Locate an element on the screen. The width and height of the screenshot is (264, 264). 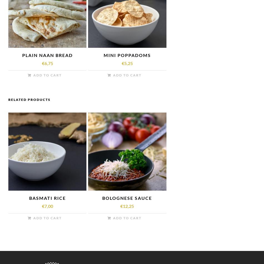
'5,25' is located at coordinates (124, 63).